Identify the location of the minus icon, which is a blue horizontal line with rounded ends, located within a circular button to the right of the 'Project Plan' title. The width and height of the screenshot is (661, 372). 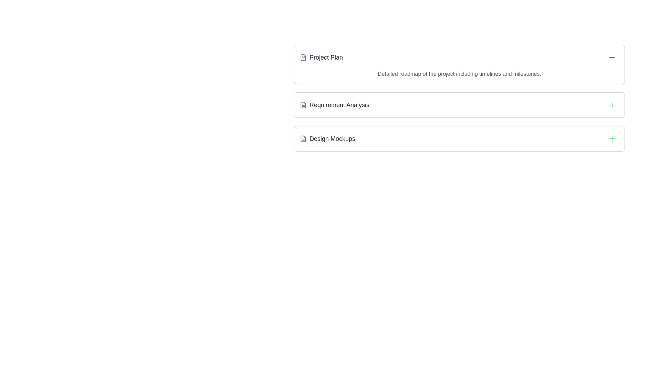
(612, 57).